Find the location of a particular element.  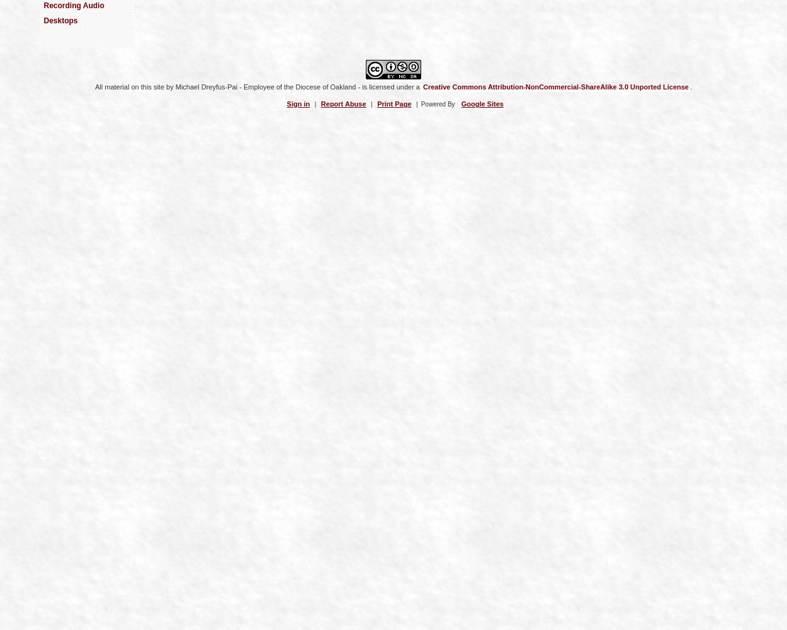

'Powered By' is located at coordinates (437, 103).